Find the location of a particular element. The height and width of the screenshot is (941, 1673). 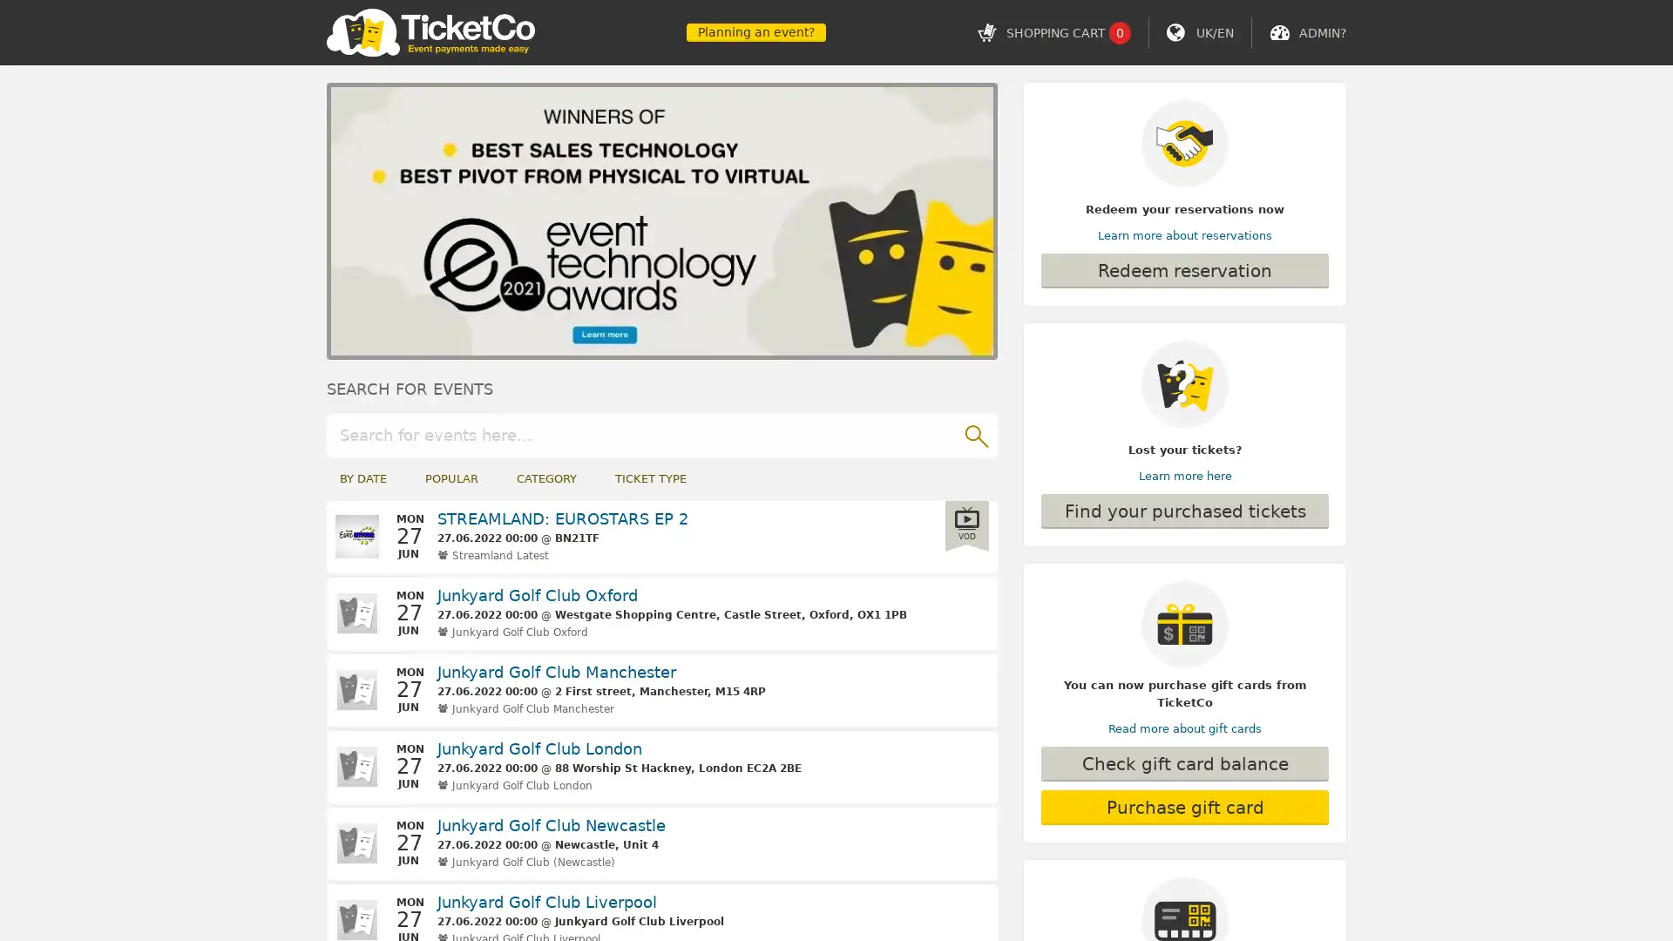

Check gift card balance is located at coordinates (1184, 762).